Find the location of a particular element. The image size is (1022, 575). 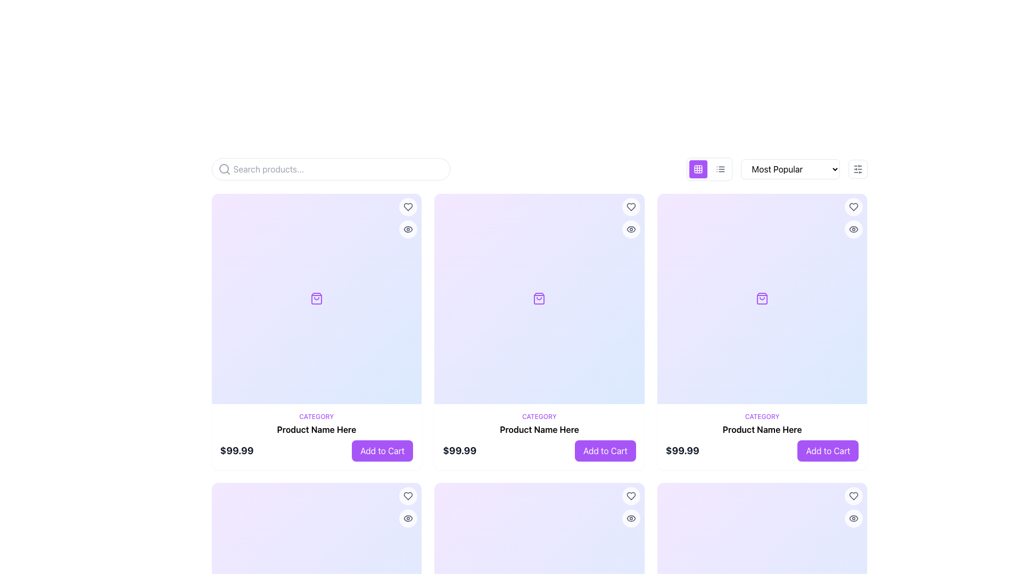

the eye icon button located at the top-right corner of the product card is located at coordinates (631, 229).